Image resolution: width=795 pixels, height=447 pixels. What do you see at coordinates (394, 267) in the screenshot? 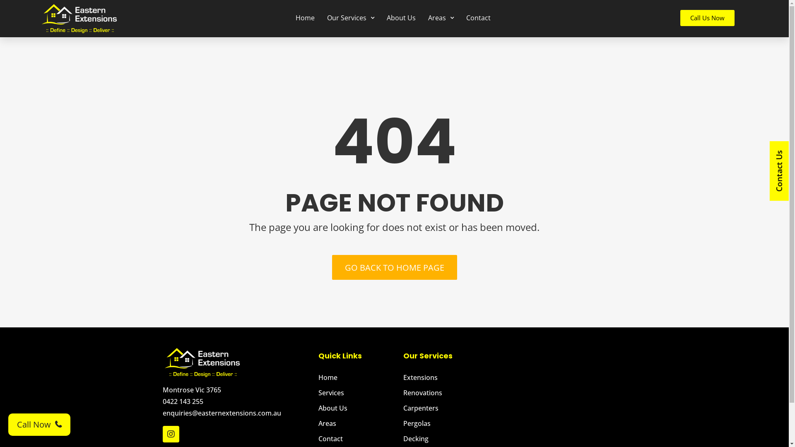
I see `'GO BACK TO HOME PAGE'` at bounding box center [394, 267].